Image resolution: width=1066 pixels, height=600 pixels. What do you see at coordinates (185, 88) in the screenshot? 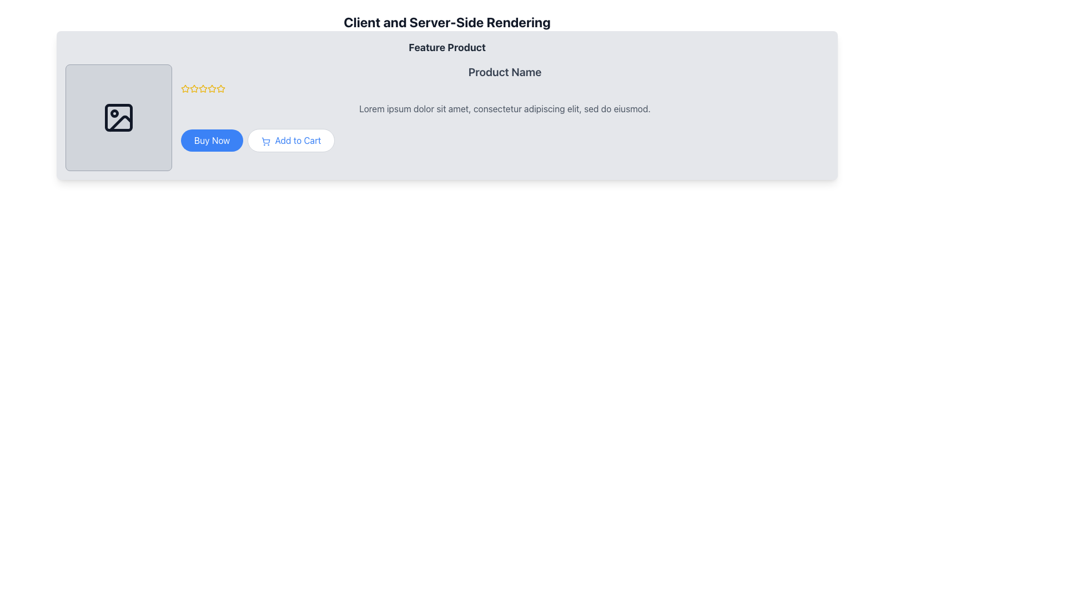
I see `the third star icon in the rating system` at bounding box center [185, 88].